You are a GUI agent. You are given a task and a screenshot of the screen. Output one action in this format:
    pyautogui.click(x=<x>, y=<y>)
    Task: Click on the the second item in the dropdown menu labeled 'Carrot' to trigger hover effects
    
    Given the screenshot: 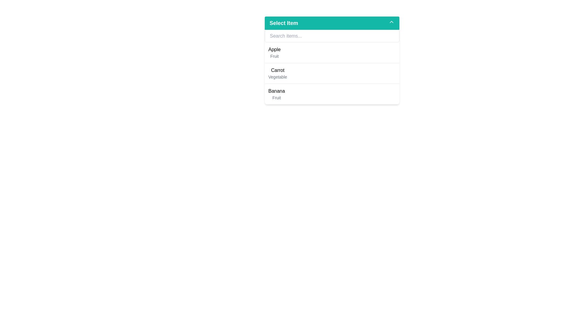 What is the action you would take?
    pyautogui.click(x=331, y=73)
    